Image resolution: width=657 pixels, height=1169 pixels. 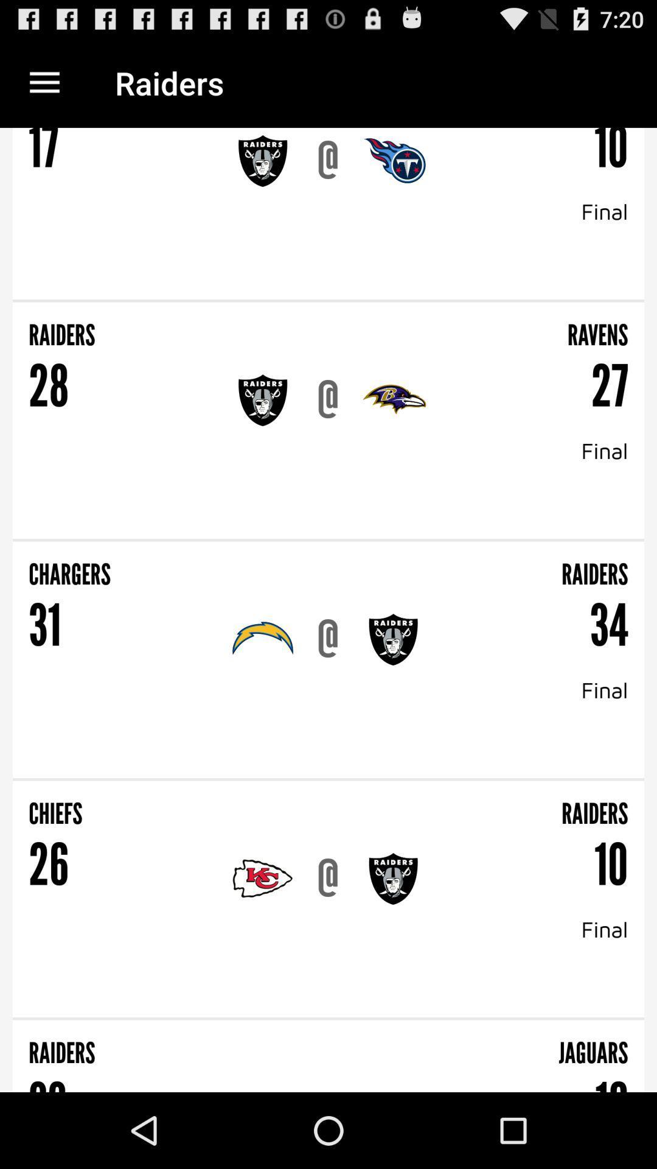 I want to click on the 28 icon, so click(x=48, y=386).